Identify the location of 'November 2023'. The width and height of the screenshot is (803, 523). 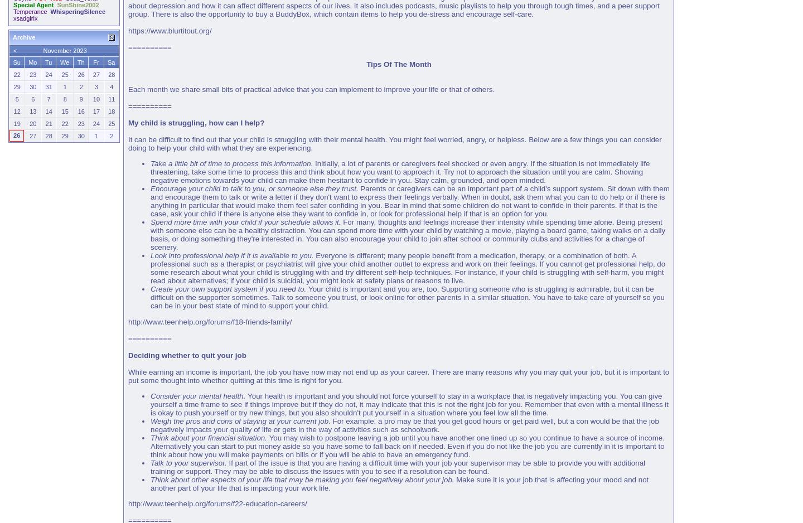
(65, 50).